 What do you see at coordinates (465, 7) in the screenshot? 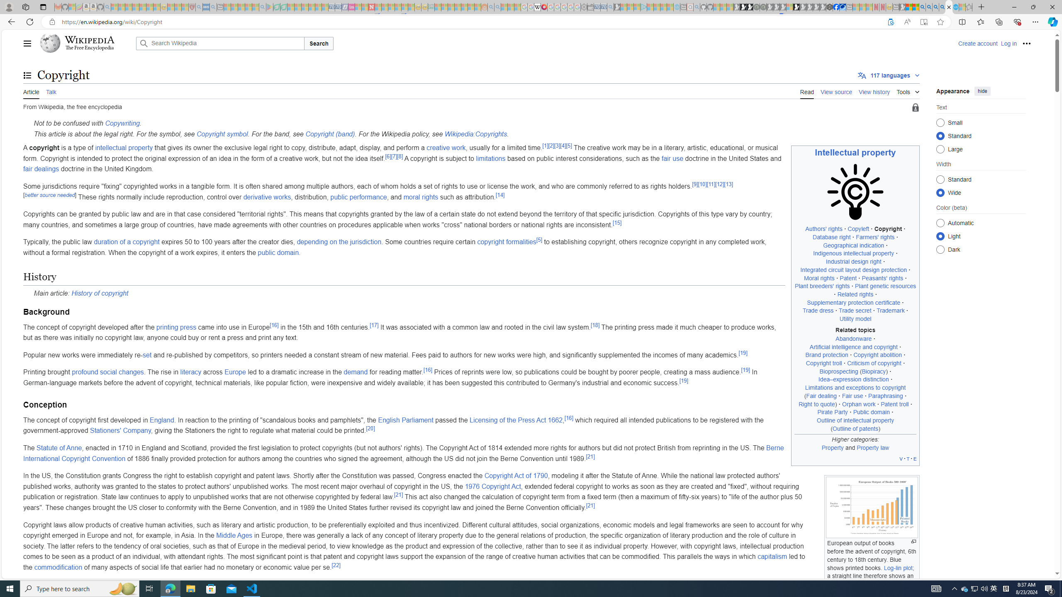
I see `'Kinda Frugal - MSN - Sleeping'` at bounding box center [465, 7].